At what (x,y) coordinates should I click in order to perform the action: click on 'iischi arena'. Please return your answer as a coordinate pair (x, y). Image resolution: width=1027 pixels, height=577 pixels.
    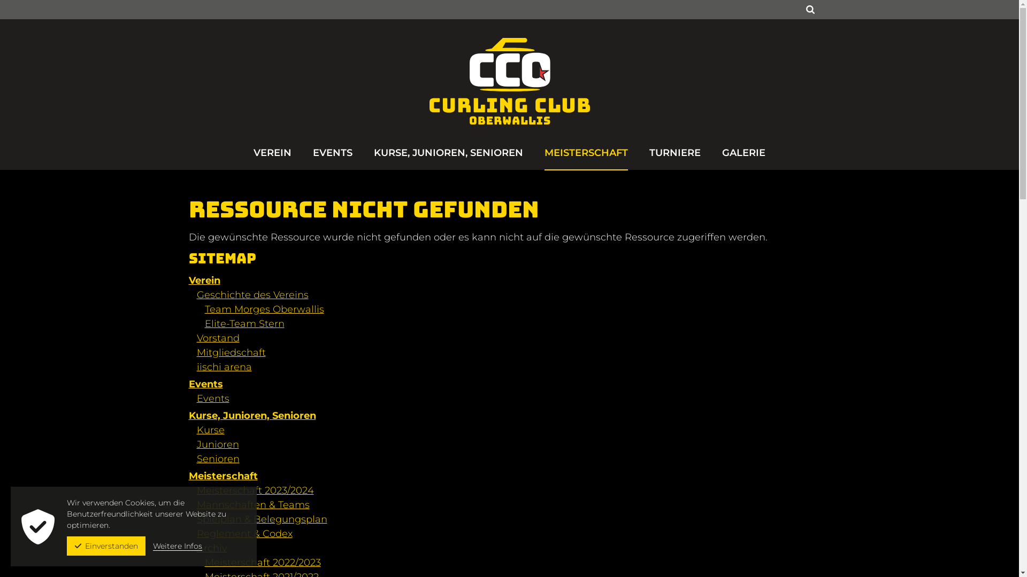
    Looking at the image, I should click on (224, 366).